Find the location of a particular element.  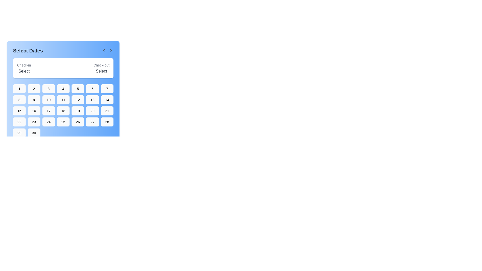

the bold text label displaying 'Select Dates' at the top-left corner of the blue-themed date selection interface is located at coordinates (28, 50).